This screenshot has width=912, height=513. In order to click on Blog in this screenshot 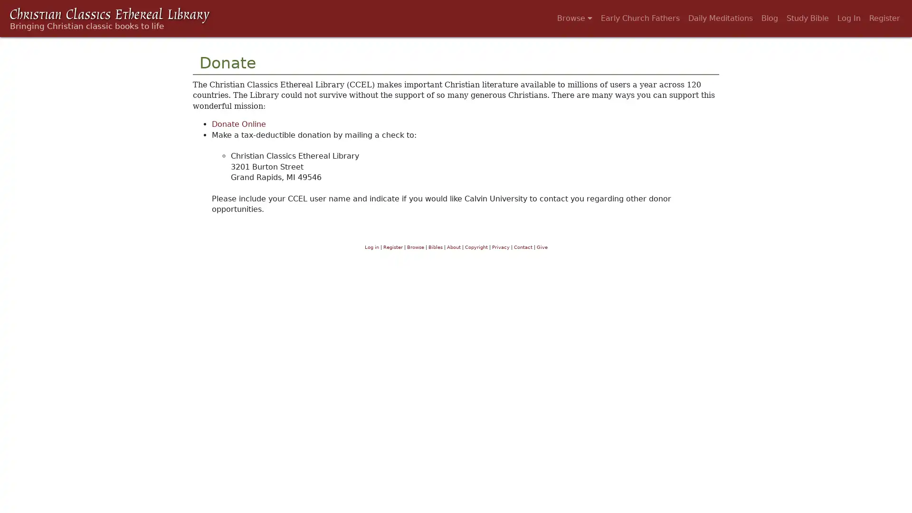, I will do `click(769, 18)`.